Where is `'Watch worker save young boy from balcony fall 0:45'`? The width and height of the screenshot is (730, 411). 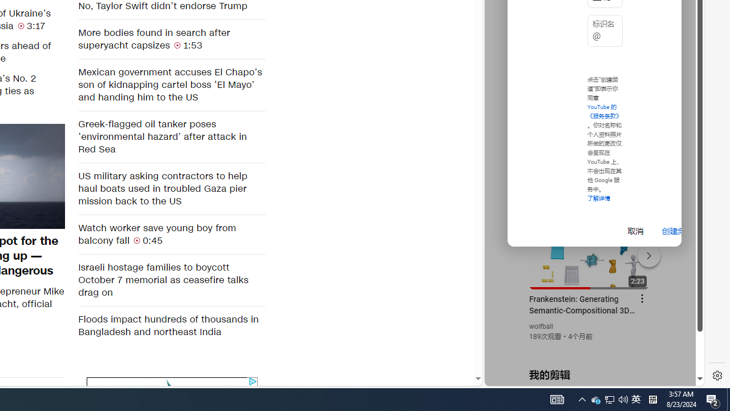
'Watch worker save young boy from balcony fall 0:45' is located at coordinates (171, 233).